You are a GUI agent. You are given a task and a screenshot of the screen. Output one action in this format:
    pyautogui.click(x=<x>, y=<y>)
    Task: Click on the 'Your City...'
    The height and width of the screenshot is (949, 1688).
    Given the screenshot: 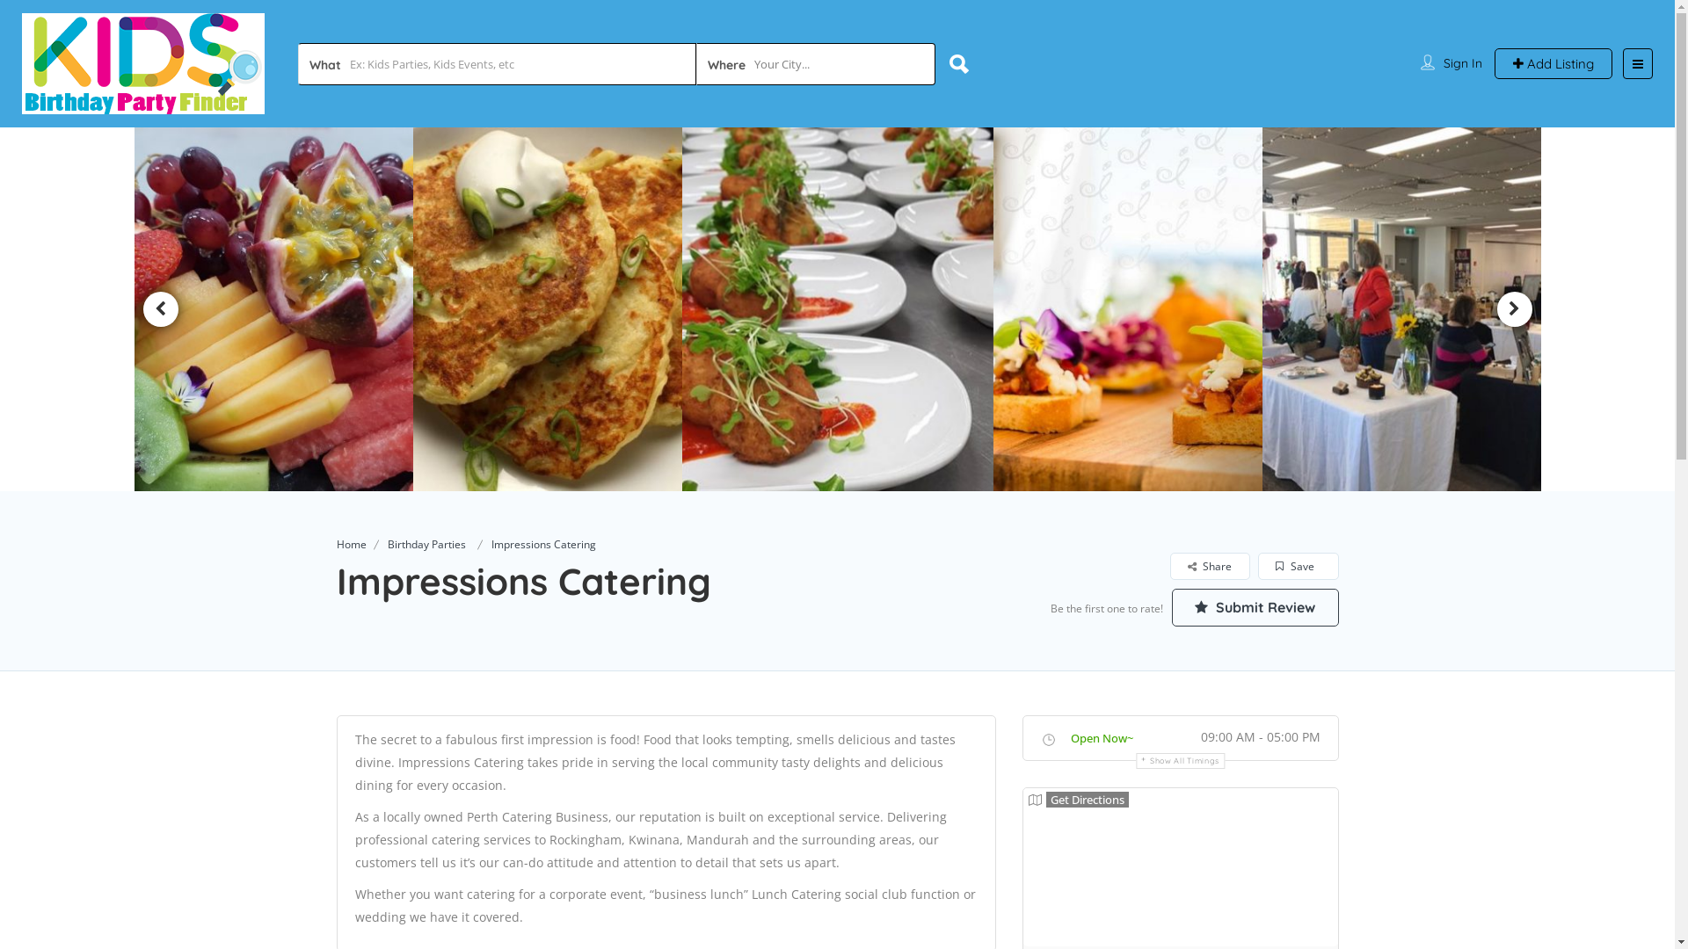 What is the action you would take?
    pyautogui.click(x=695, y=63)
    